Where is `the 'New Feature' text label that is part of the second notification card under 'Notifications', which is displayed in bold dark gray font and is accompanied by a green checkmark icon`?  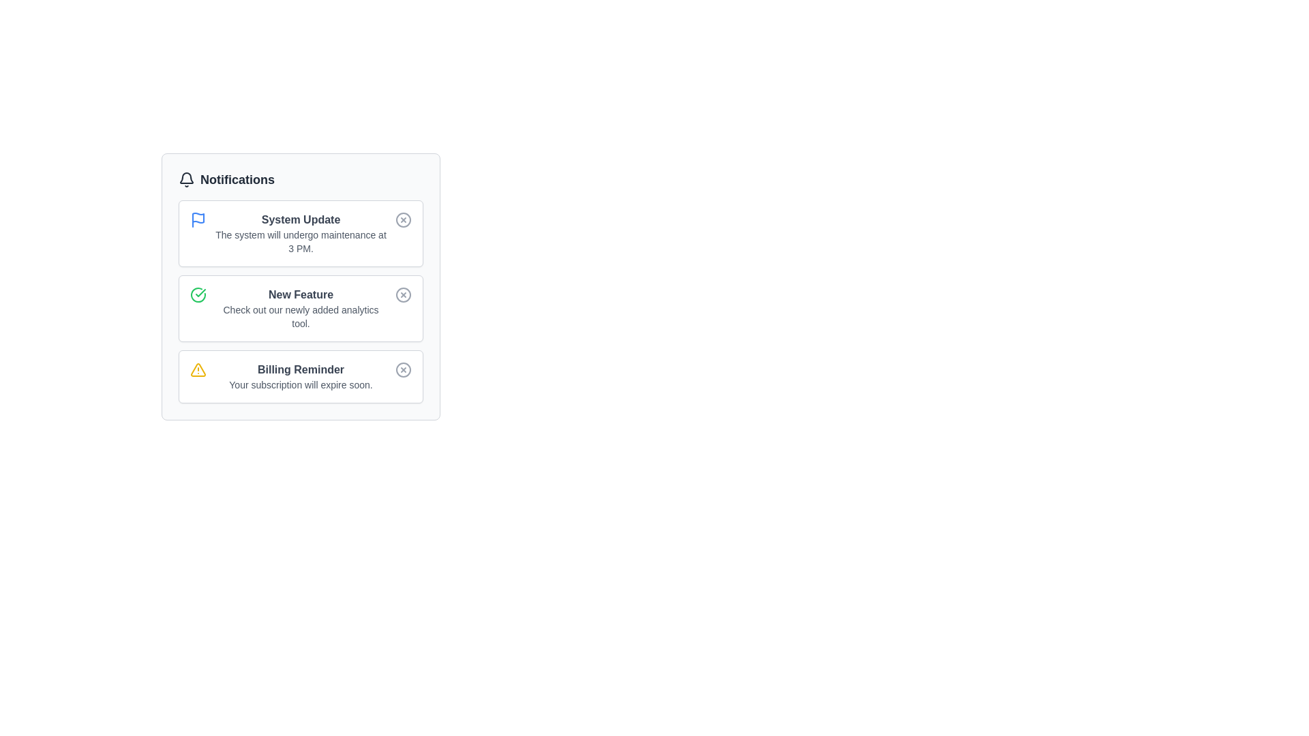 the 'New Feature' text label that is part of the second notification card under 'Notifications', which is displayed in bold dark gray font and is accompanied by a green checkmark icon is located at coordinates (300, 294).